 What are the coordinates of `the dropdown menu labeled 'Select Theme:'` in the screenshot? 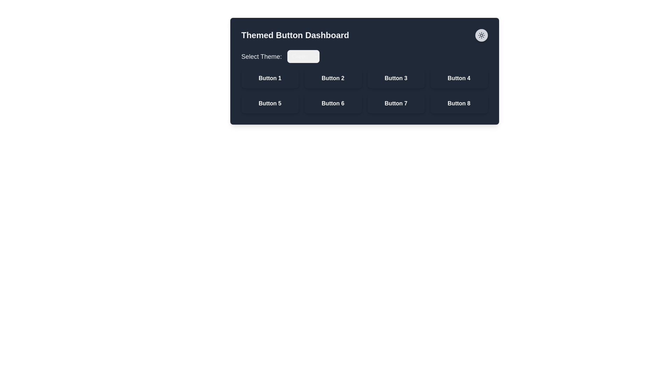 It's located at (364, 56).